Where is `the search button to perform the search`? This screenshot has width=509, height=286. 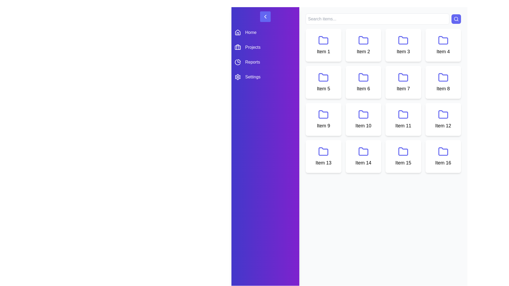
the search button to perform the search is located at coordinates (456, 19).